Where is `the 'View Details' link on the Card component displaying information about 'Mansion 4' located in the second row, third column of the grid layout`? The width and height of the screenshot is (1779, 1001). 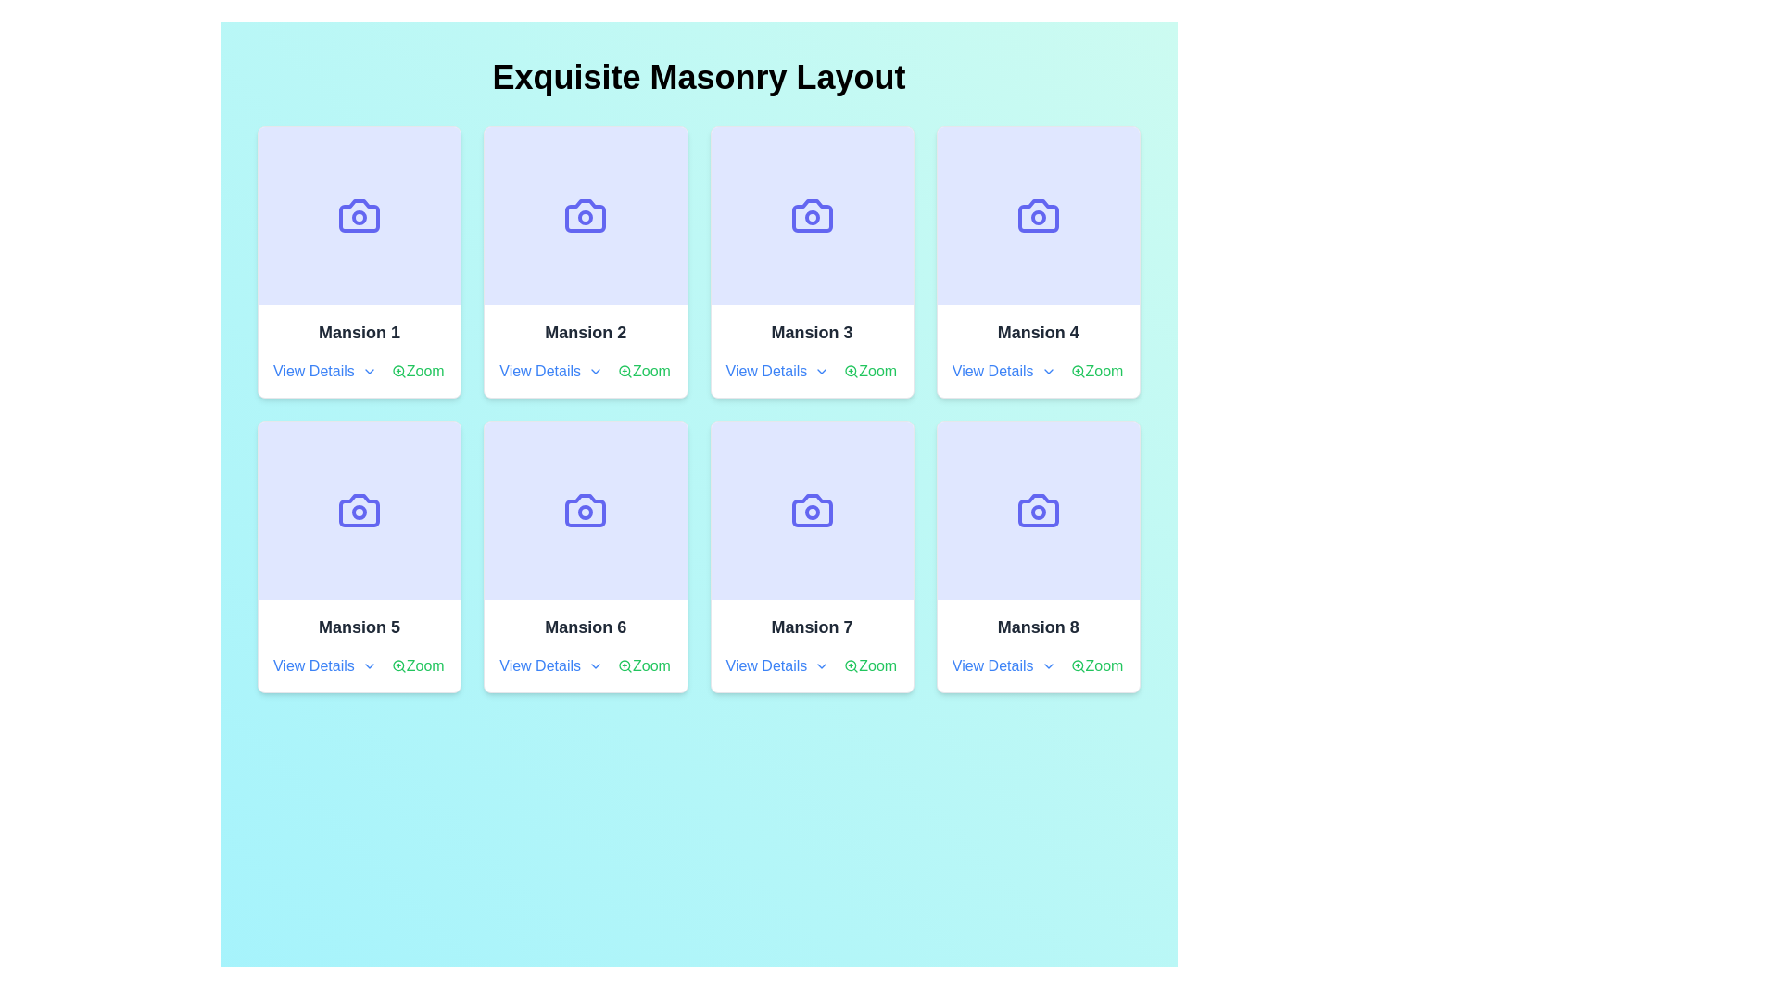
the 'View Details' link on the Card component displaying information about 'Mansion 4' located in the second row, third column of the grid layout is located at coordinates (1038, 350).